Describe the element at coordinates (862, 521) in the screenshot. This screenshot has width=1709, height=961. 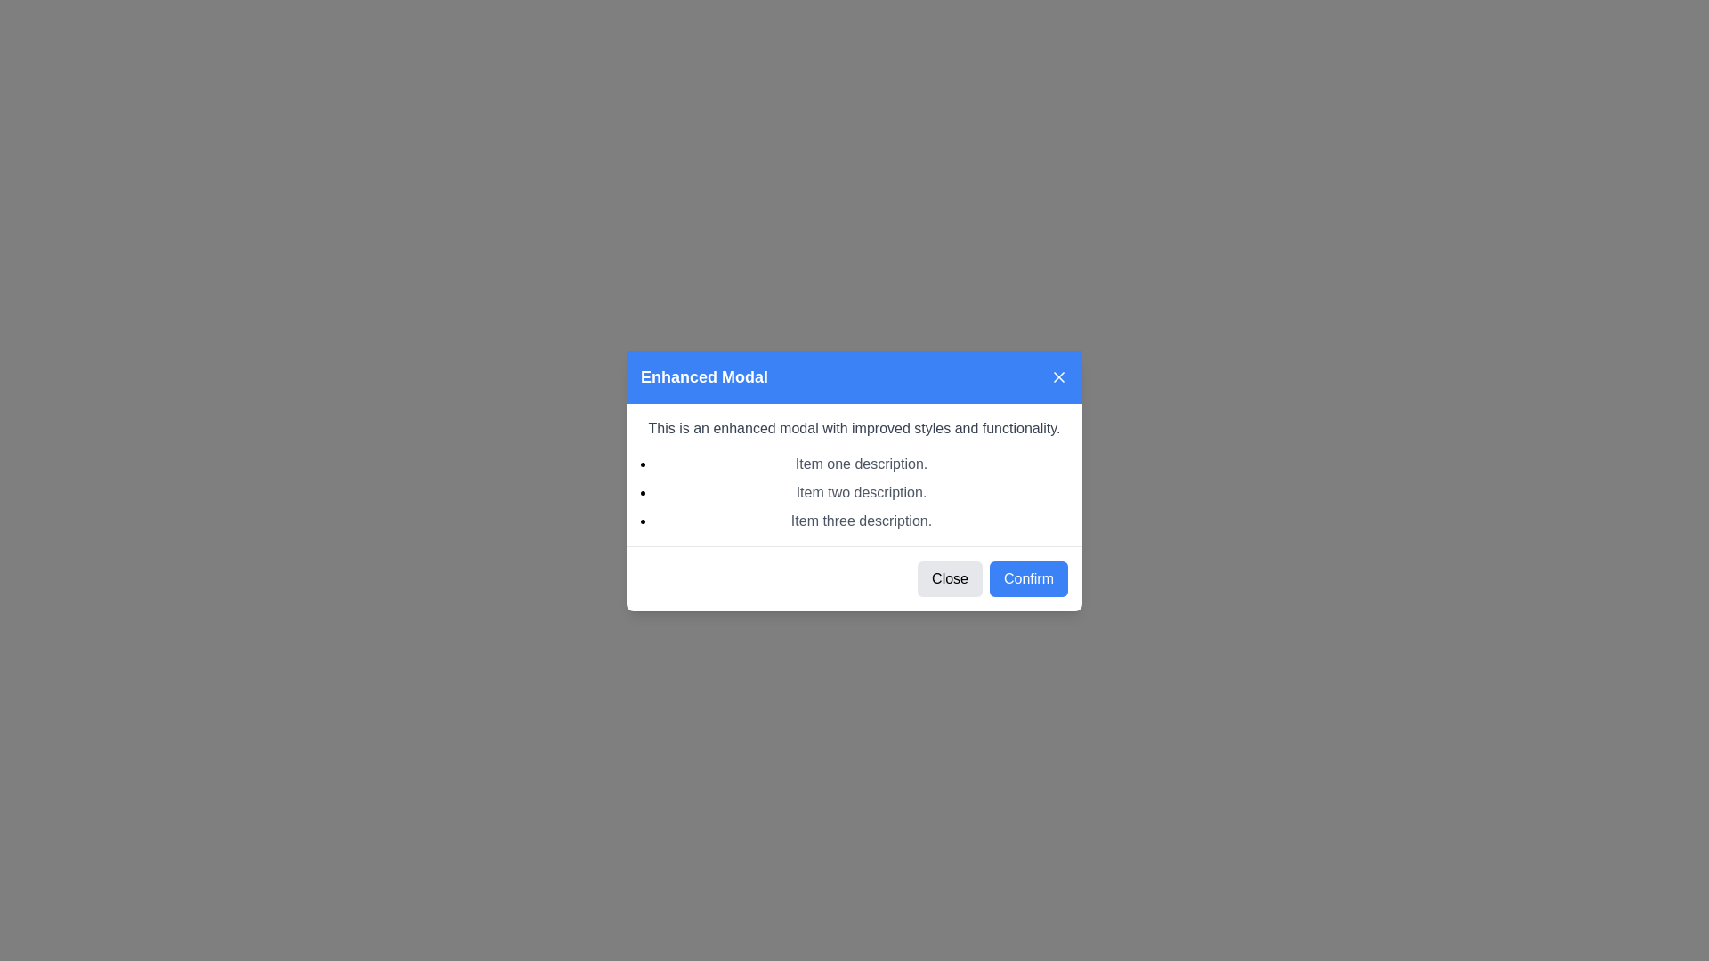
I see `text element displaying 'Item three description.' which is the third item in a bullet-point list within a modal window` at that location.